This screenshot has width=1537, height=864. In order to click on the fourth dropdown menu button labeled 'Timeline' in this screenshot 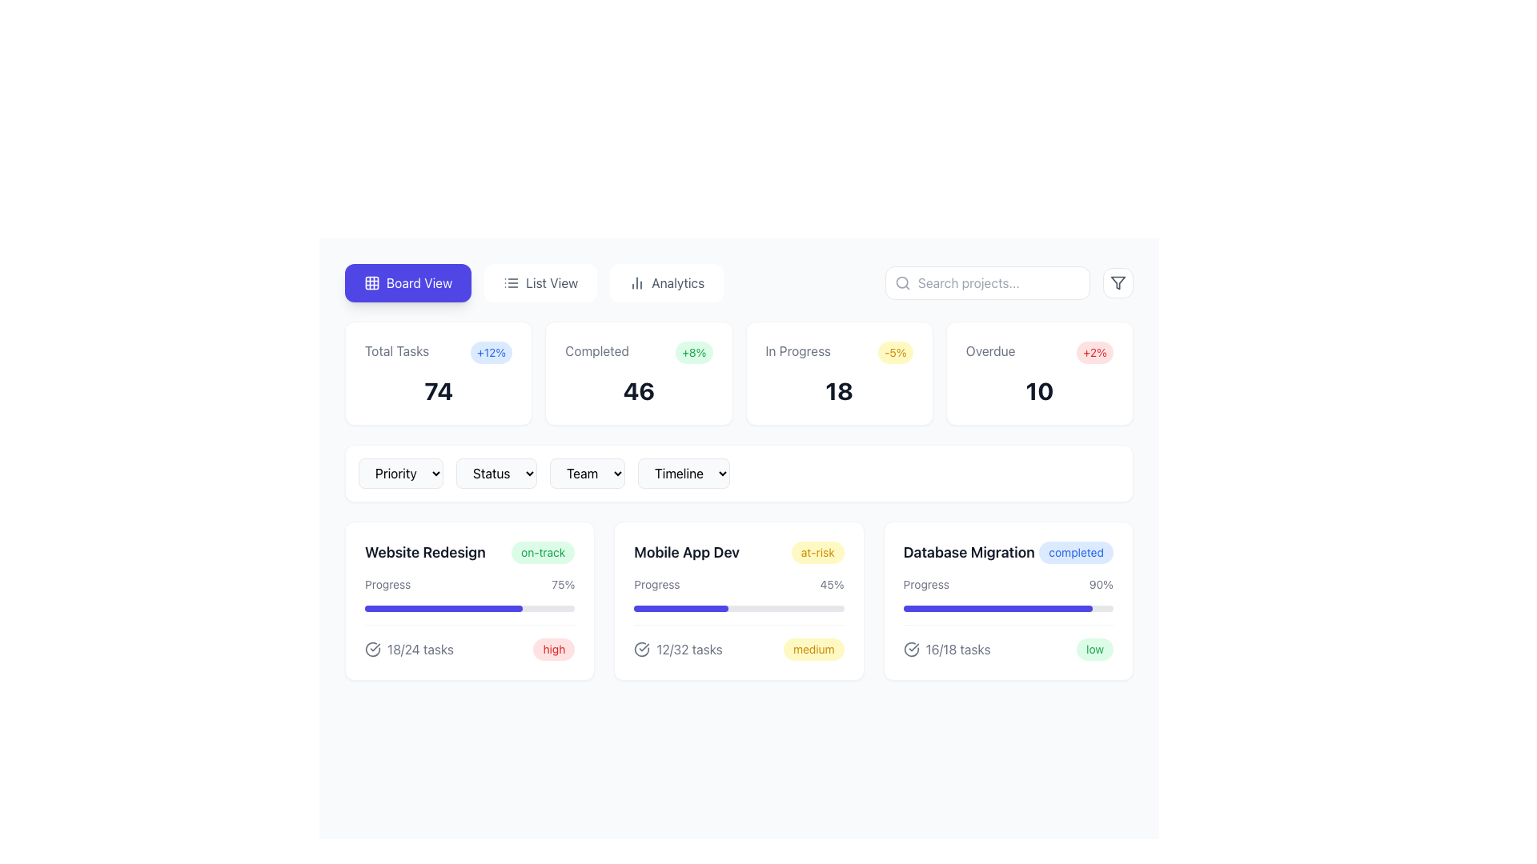, I will do `click(684, 472)`.